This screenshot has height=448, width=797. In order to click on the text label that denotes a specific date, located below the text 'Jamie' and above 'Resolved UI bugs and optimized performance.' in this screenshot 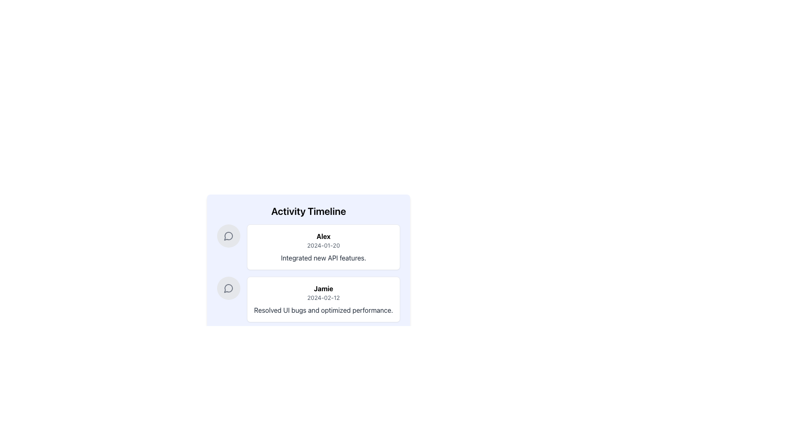, I will do `click(323, 297)`.